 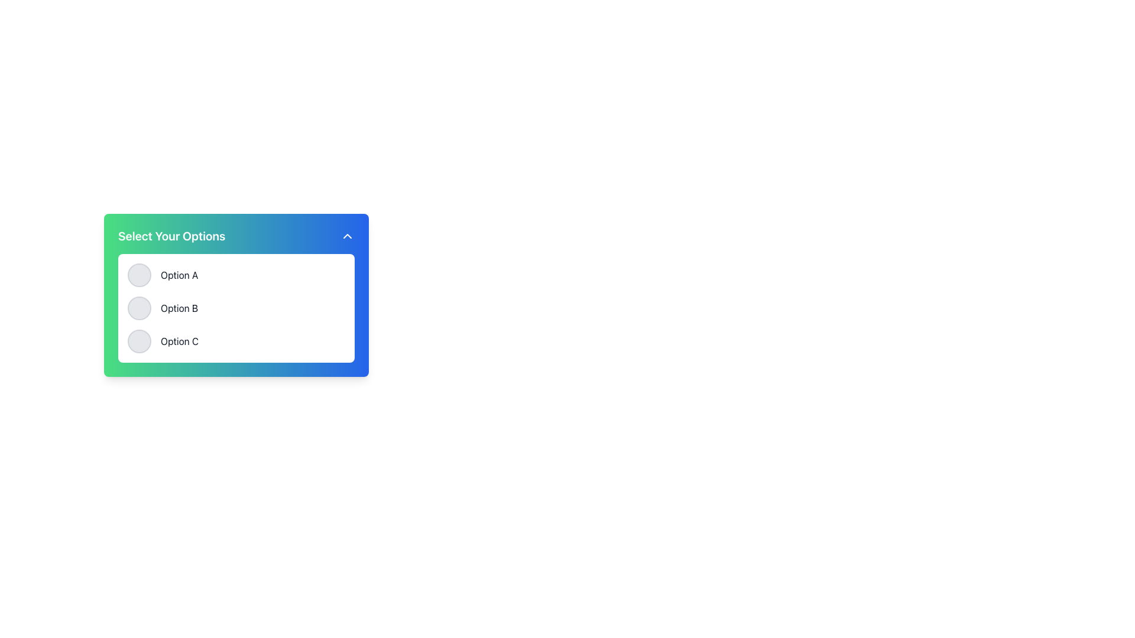 I want to click on the toggle button located on the right side of the header bar, next to the text 'Select Your Options', so click(x=347, y=236).